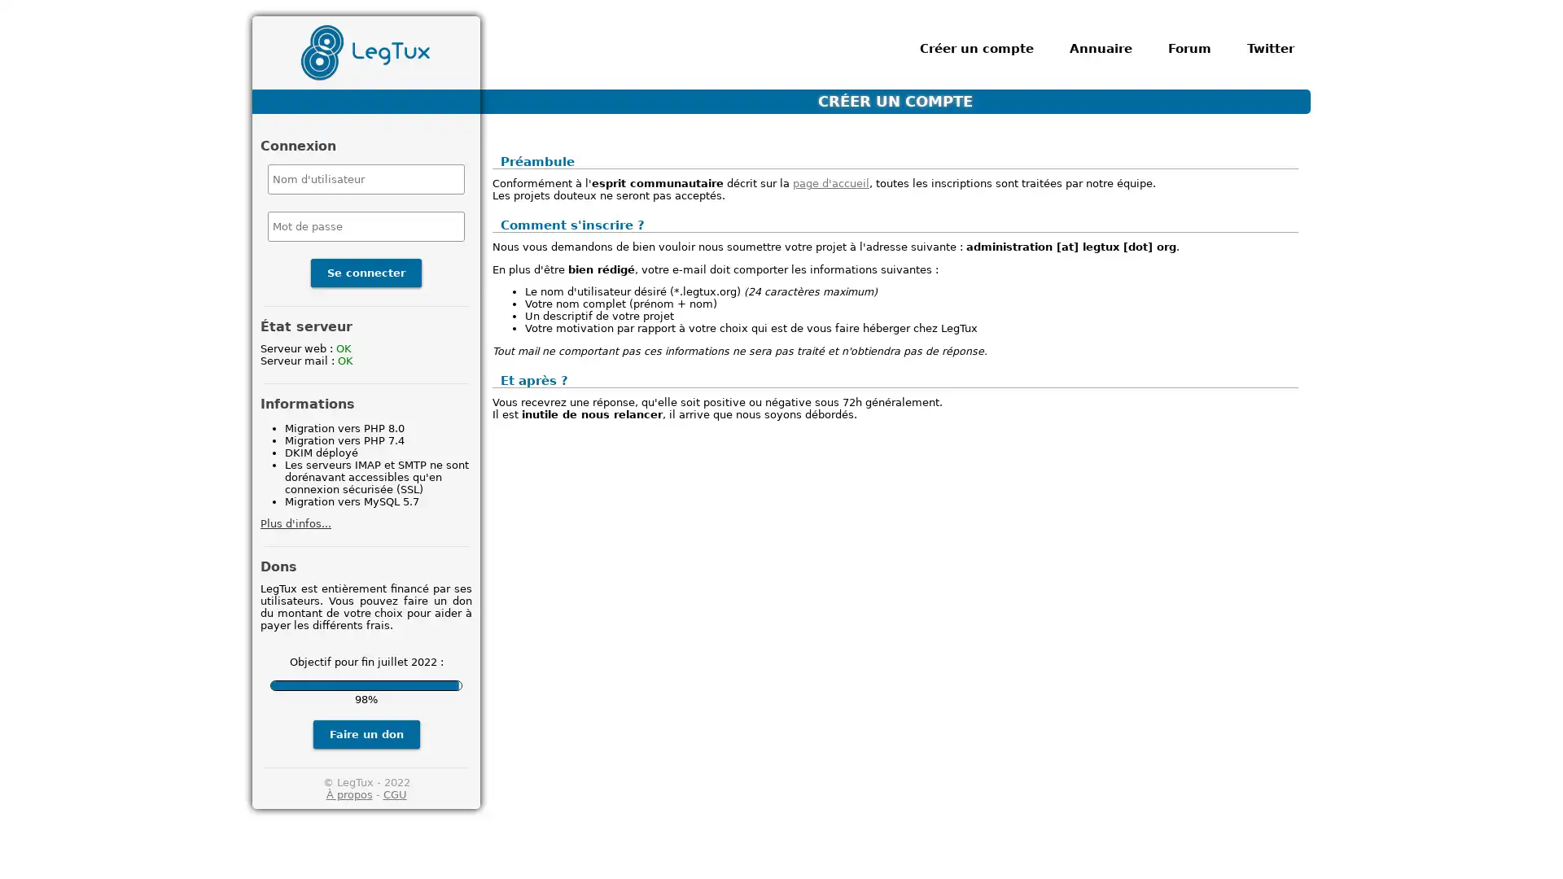 This screenshot has width=1563, height=879. Describe the element at coordinates (365, 733) in the screenshot. I see `Faire un don` at that location.